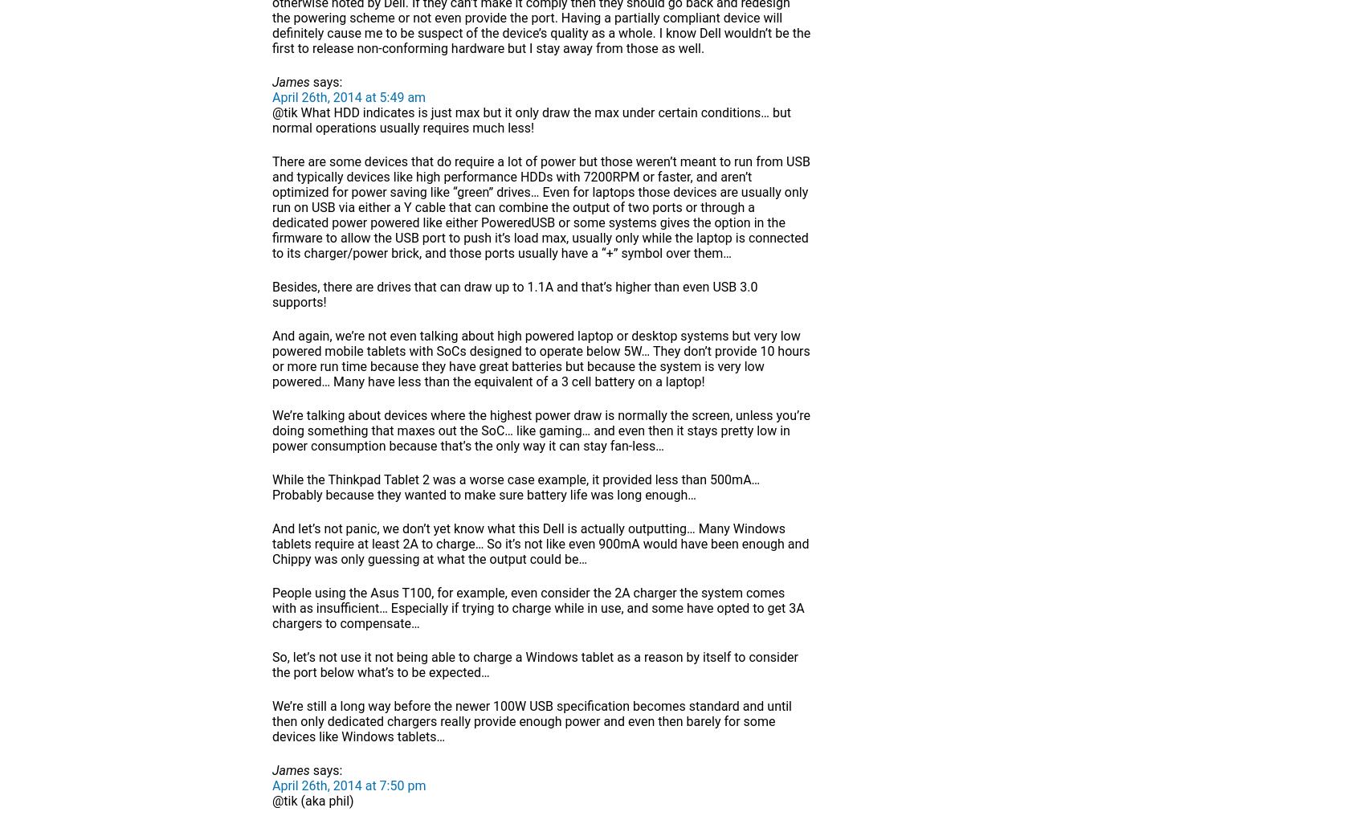  I want to click on 'Besides, there are drives that can draw up to 1.1A and that’s higher than even USB 3.0 supports!', so click(514, 294).